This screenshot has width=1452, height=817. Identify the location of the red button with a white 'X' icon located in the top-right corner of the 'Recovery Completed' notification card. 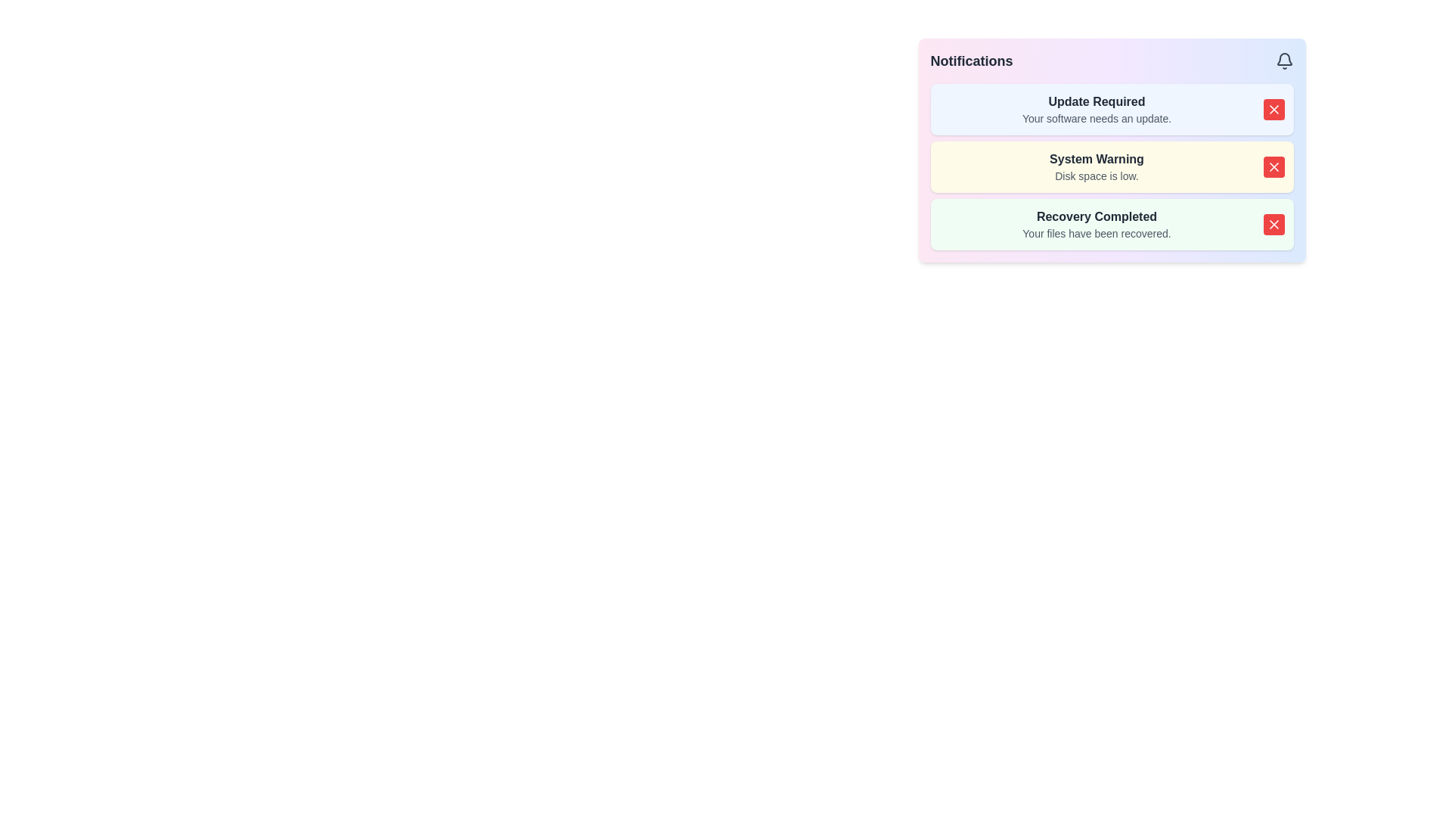
(1273, 225).